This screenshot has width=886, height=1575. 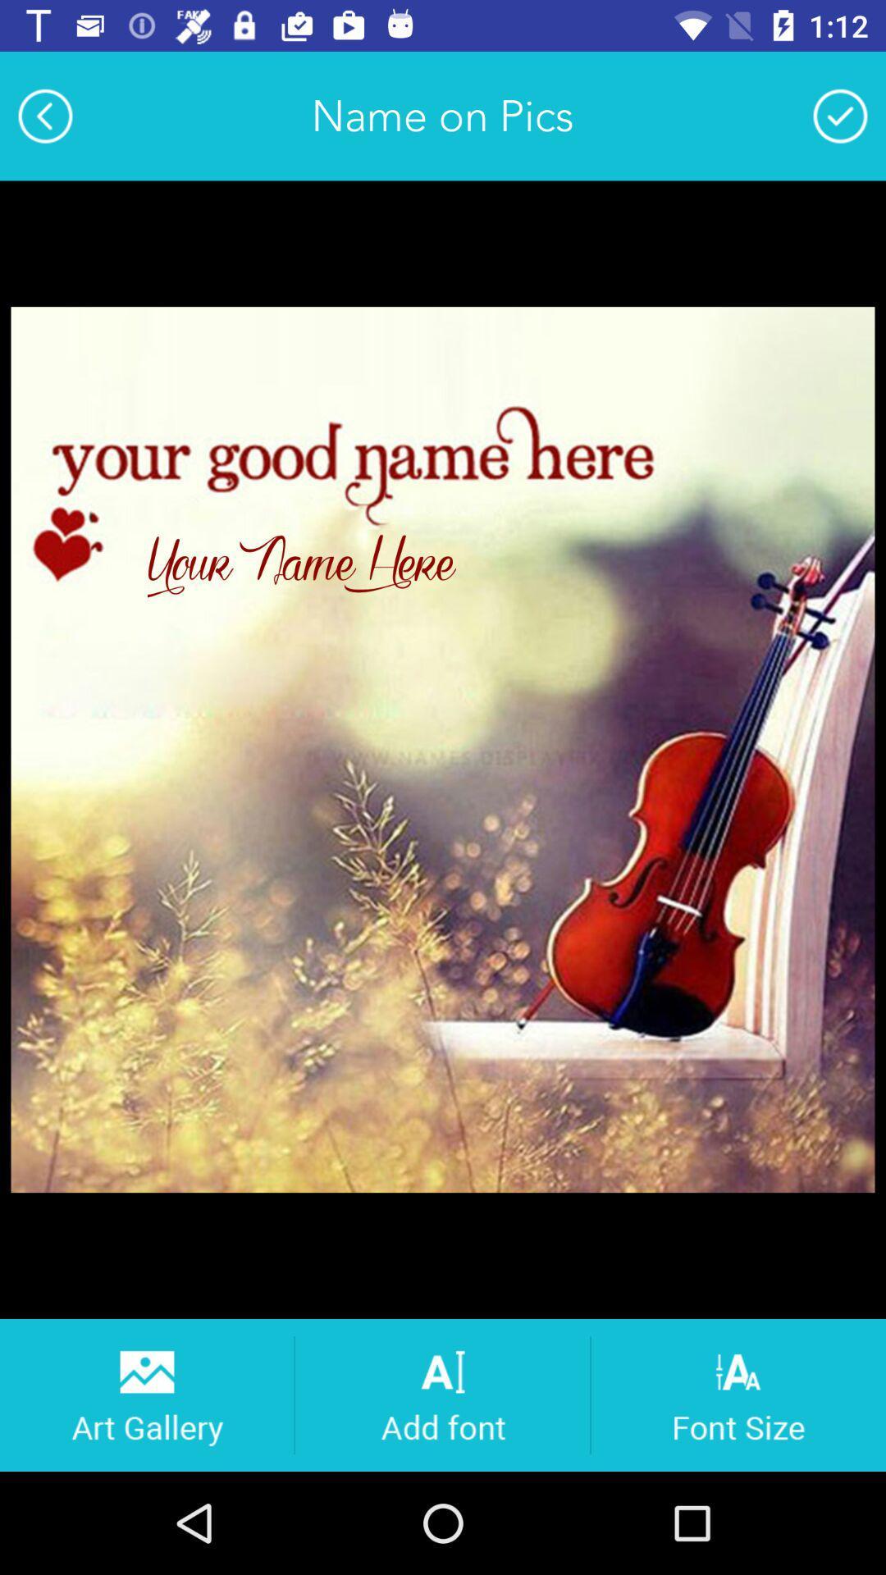 What do you see at coordinates (840, 115) in the screenshot?
I see `the app next to the name on pics app` at bounding box center [840, 115].